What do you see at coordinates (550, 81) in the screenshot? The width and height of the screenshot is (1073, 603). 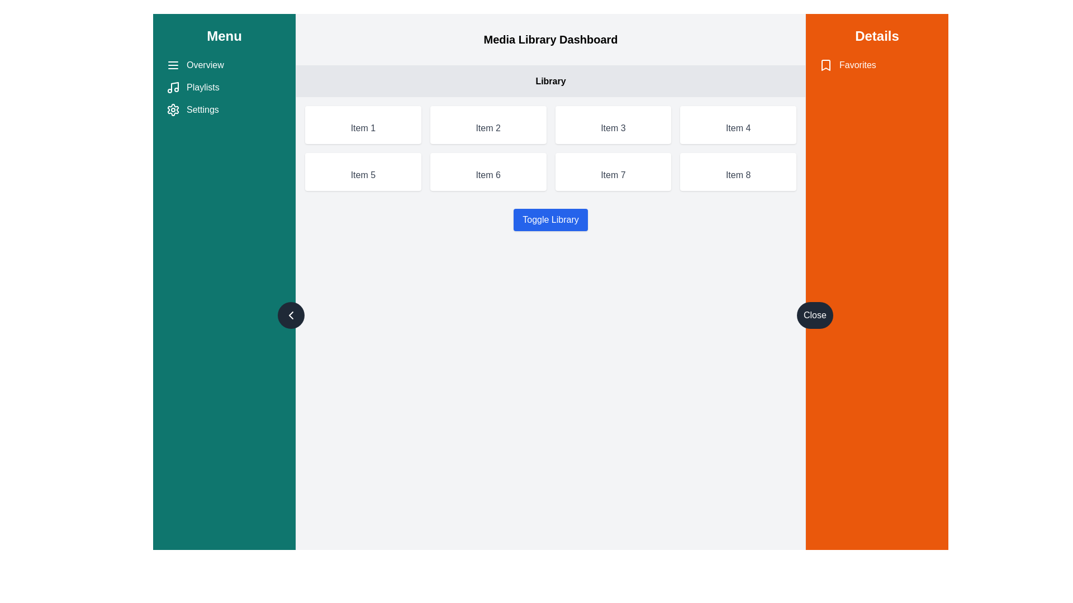 I see `the Text Label that serves as a heading for the 'Media Library Dashboard', visually separating the content below it` at bounding box center [550, 81].